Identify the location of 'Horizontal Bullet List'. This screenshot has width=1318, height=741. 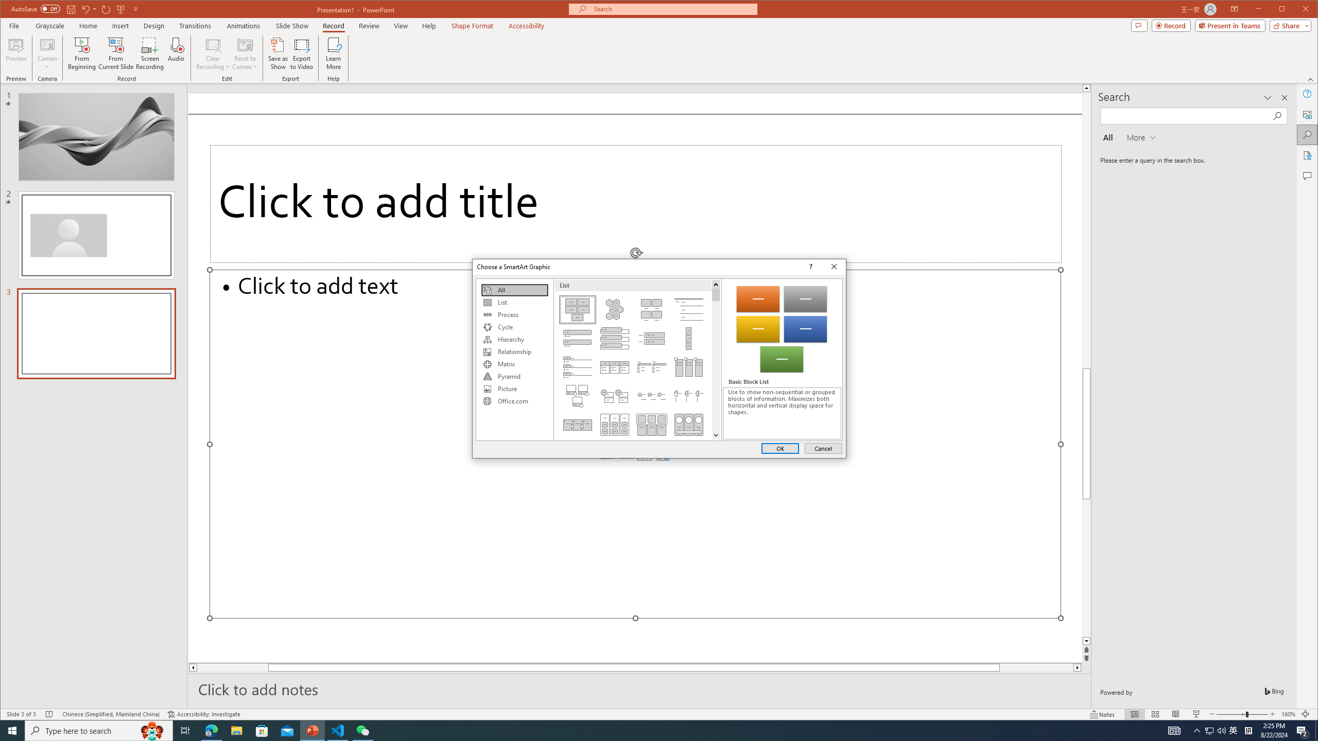
(613, 366).